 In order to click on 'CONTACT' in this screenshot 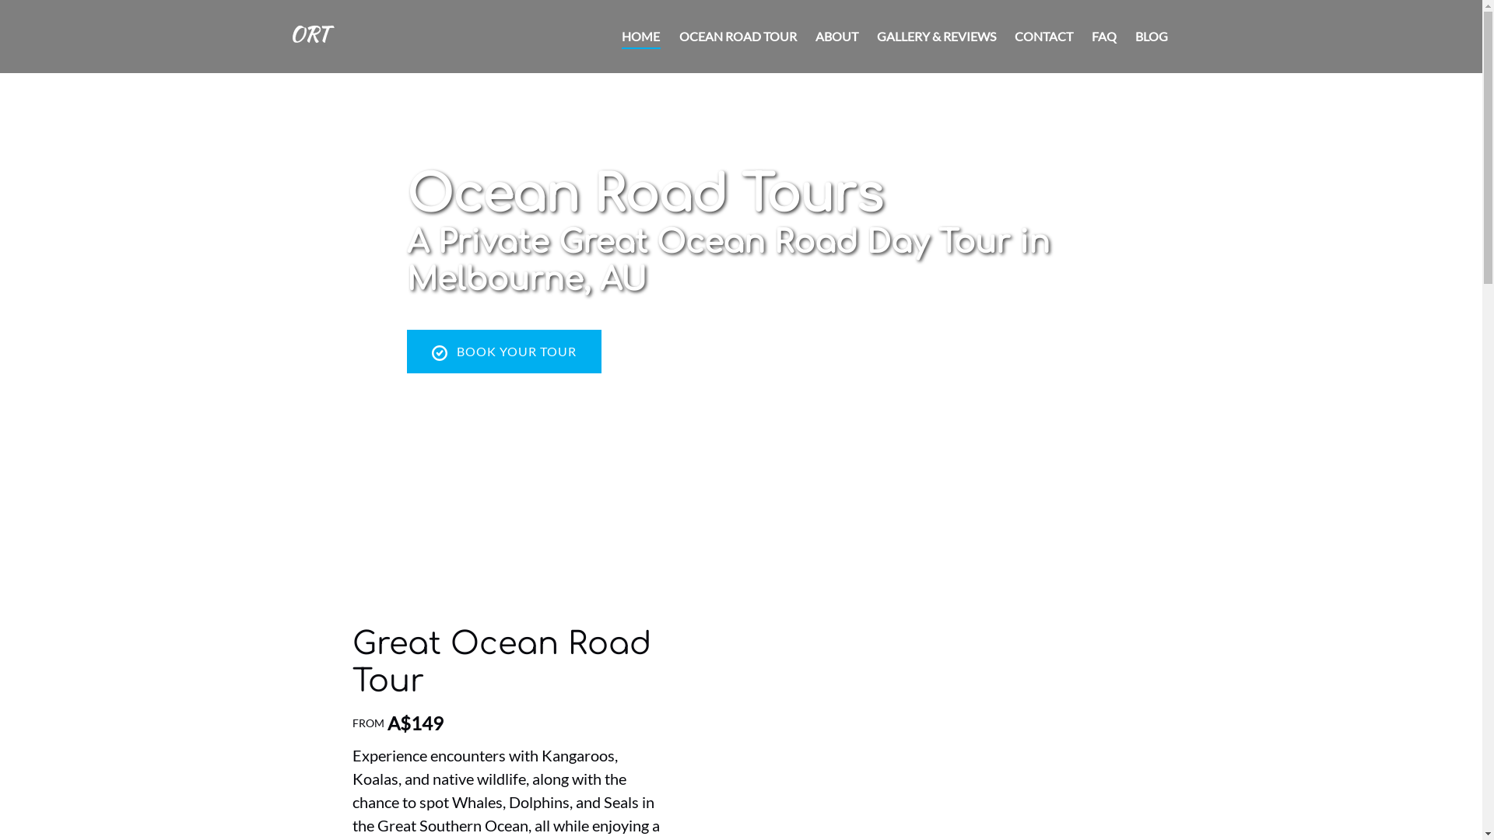, I will do `click(1043, 35)`.